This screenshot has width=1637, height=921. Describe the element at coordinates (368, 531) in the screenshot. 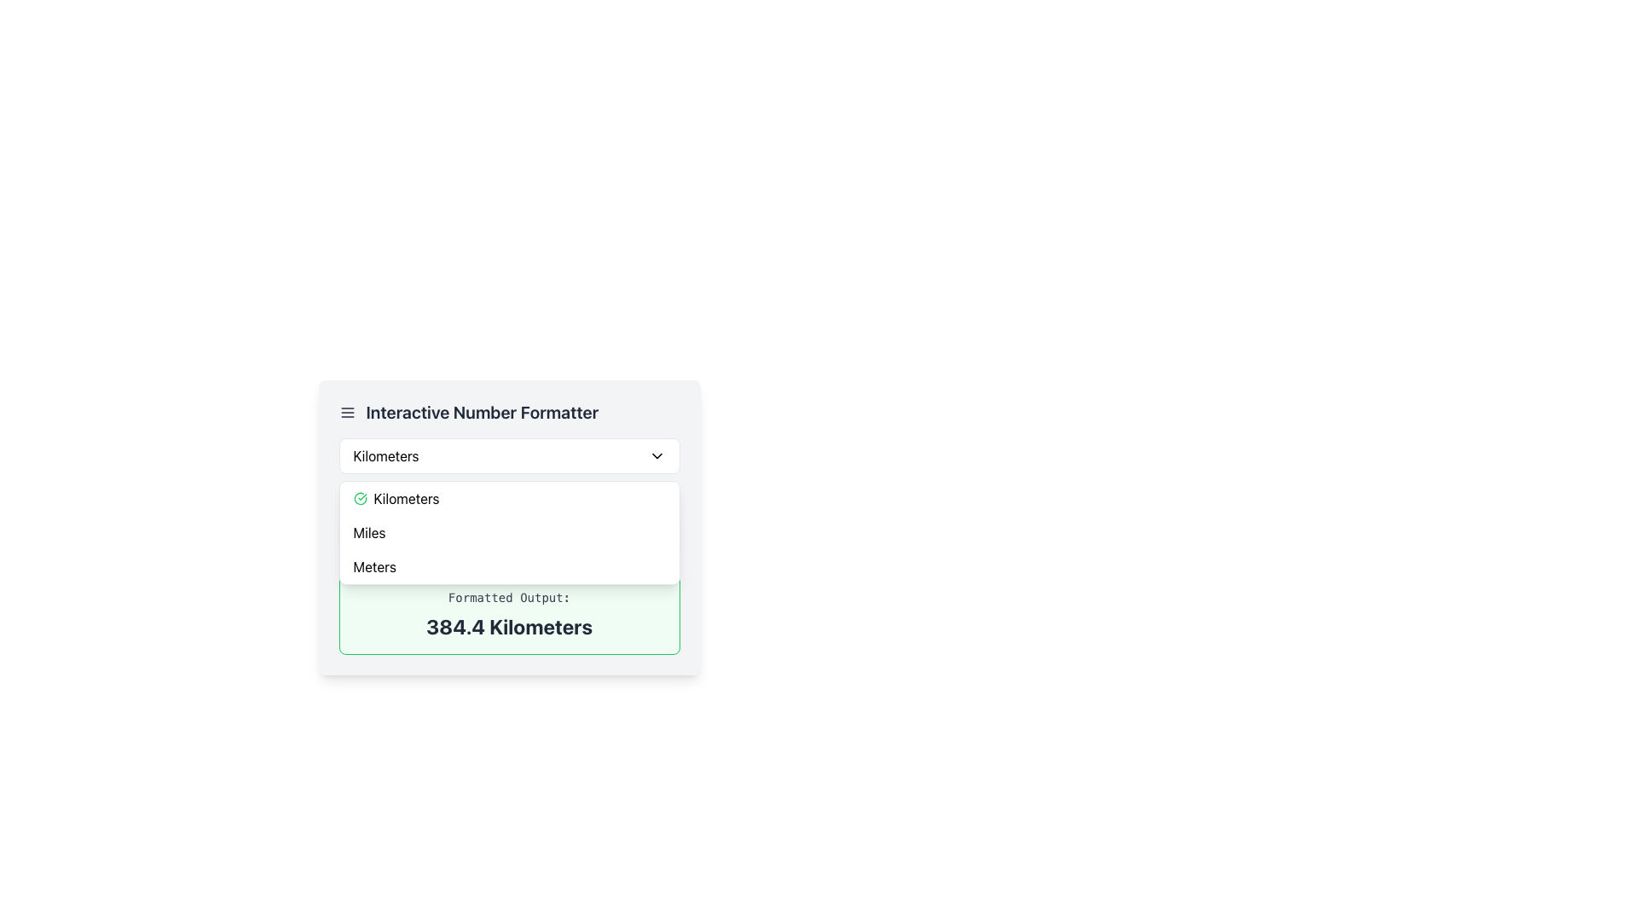

I see `the second selectable option in the dropdown menu` at that location.